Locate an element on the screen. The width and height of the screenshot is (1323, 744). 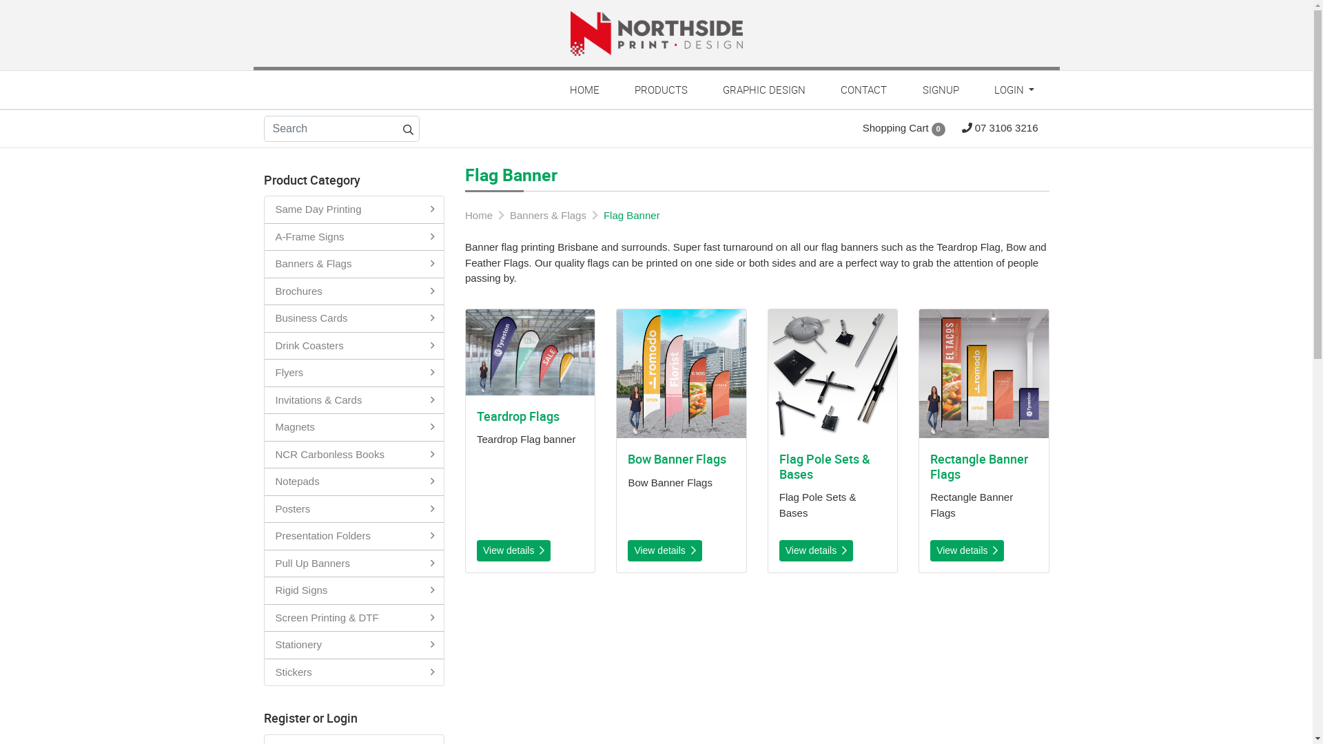
'SIGNUP' is located at coordinates (939, 90).